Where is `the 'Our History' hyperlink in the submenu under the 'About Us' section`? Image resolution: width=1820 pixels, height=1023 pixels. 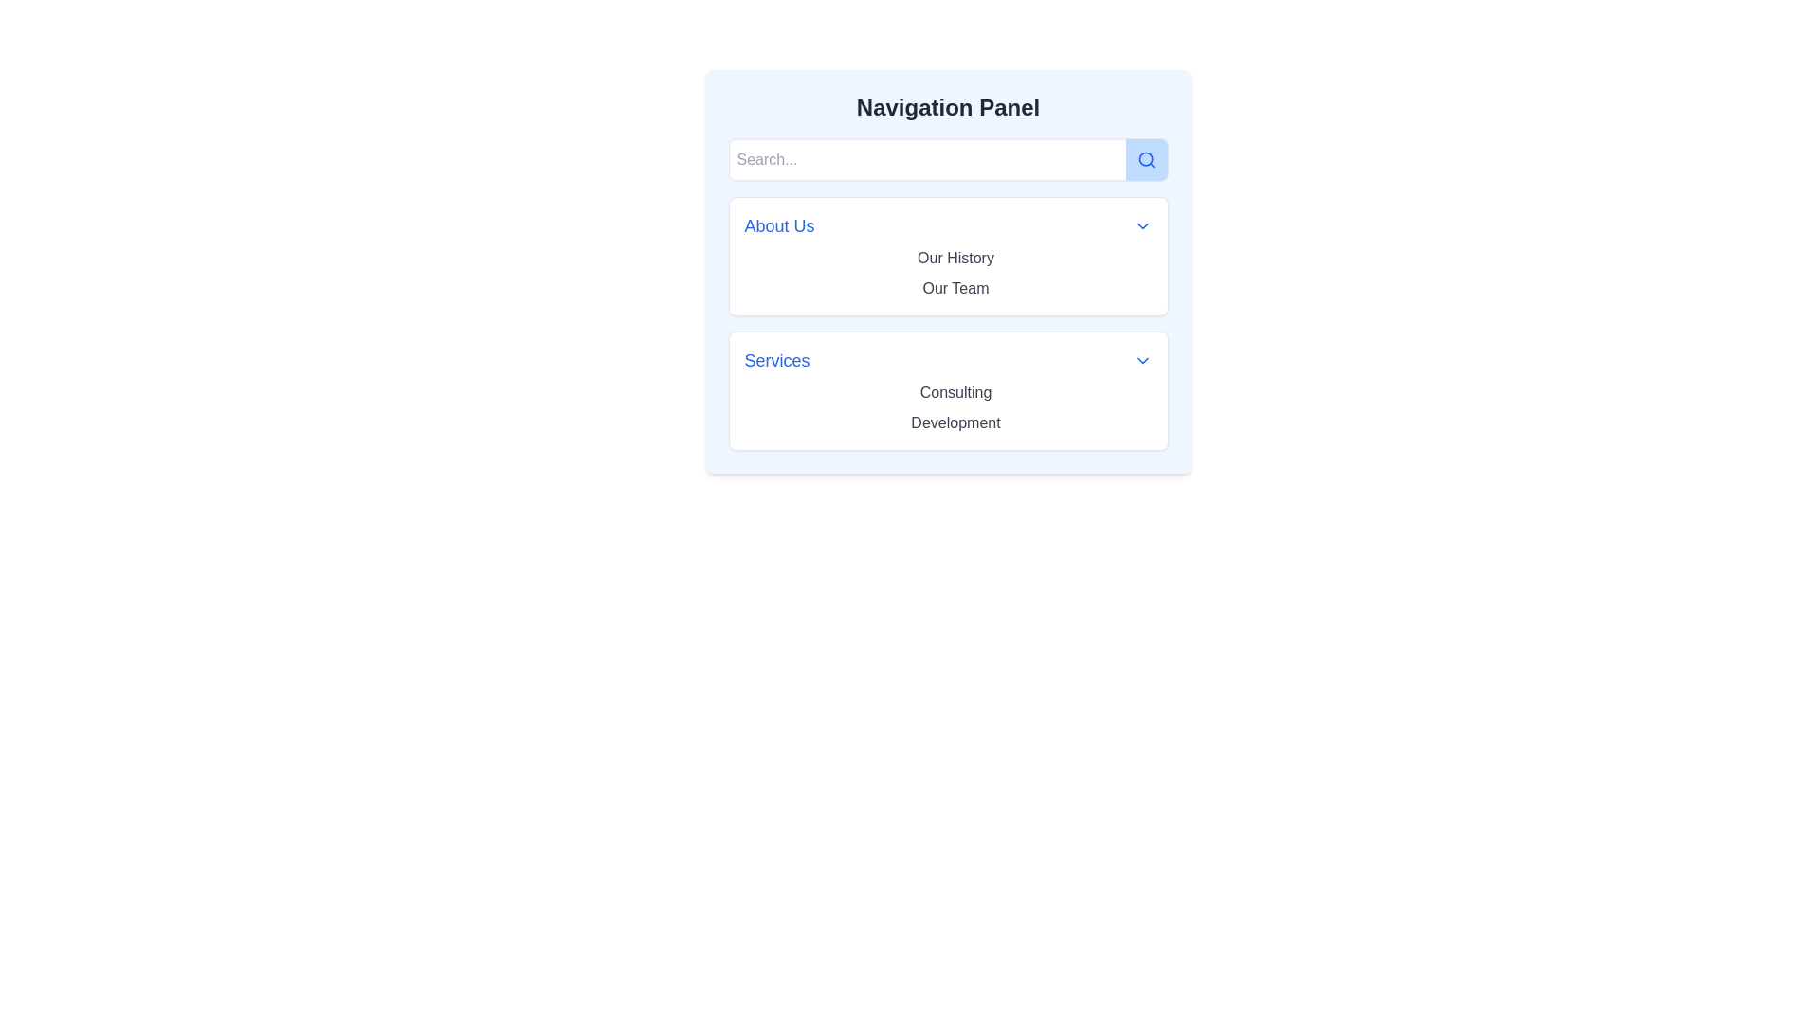
the 'Our History' hyperlink in the submenu under the 'About Us' section is located at coordinates (955, 258).